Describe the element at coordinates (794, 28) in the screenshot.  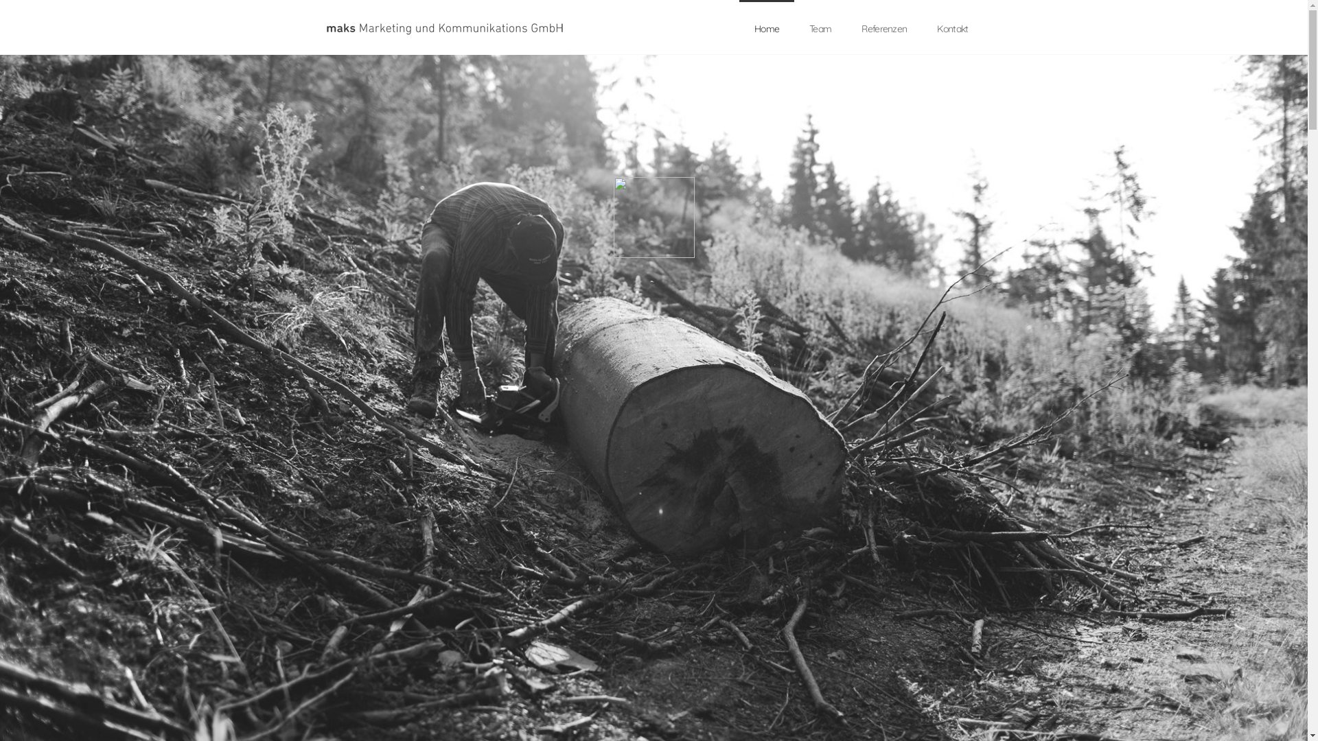
I see `'Team'` at that location.